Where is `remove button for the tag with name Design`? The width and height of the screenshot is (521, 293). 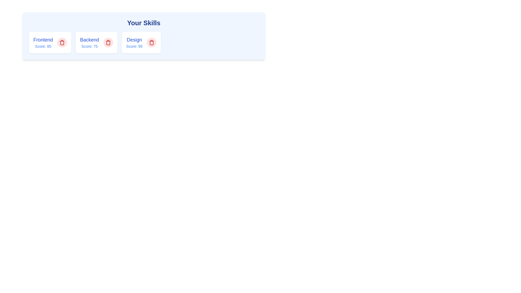
remove button for the tag with name Design is located at coordinates (152, 42).